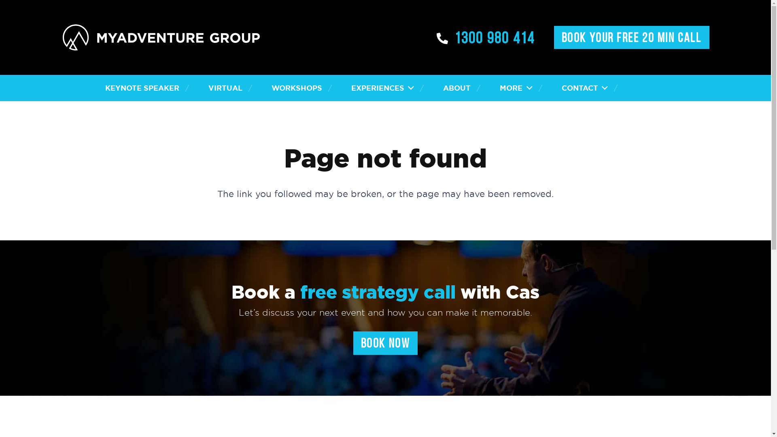 This screenshot has height=437, width=777. I want to click on '1300 980 414', so click(486, 37).